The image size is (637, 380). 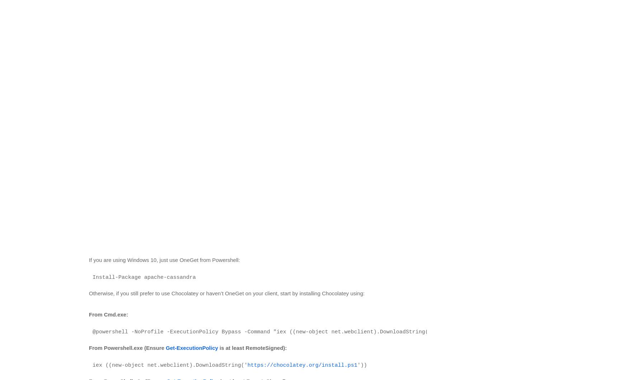 I want to click on 'iex ((new-object net.webclient).DownloadString('', so click(x=170, y=365).